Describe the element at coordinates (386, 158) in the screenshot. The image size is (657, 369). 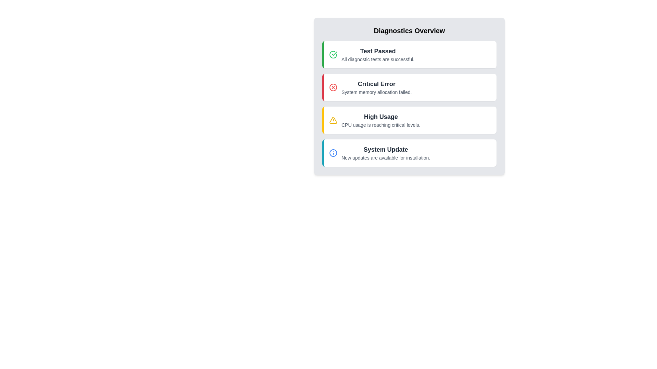
I see `the text message styled in a small gray font that states 'New updates are available for installation,' located beneath the heading 'System Update' in the fourth diagnostic block of the 'Diagnostics Overview' section` at that location.